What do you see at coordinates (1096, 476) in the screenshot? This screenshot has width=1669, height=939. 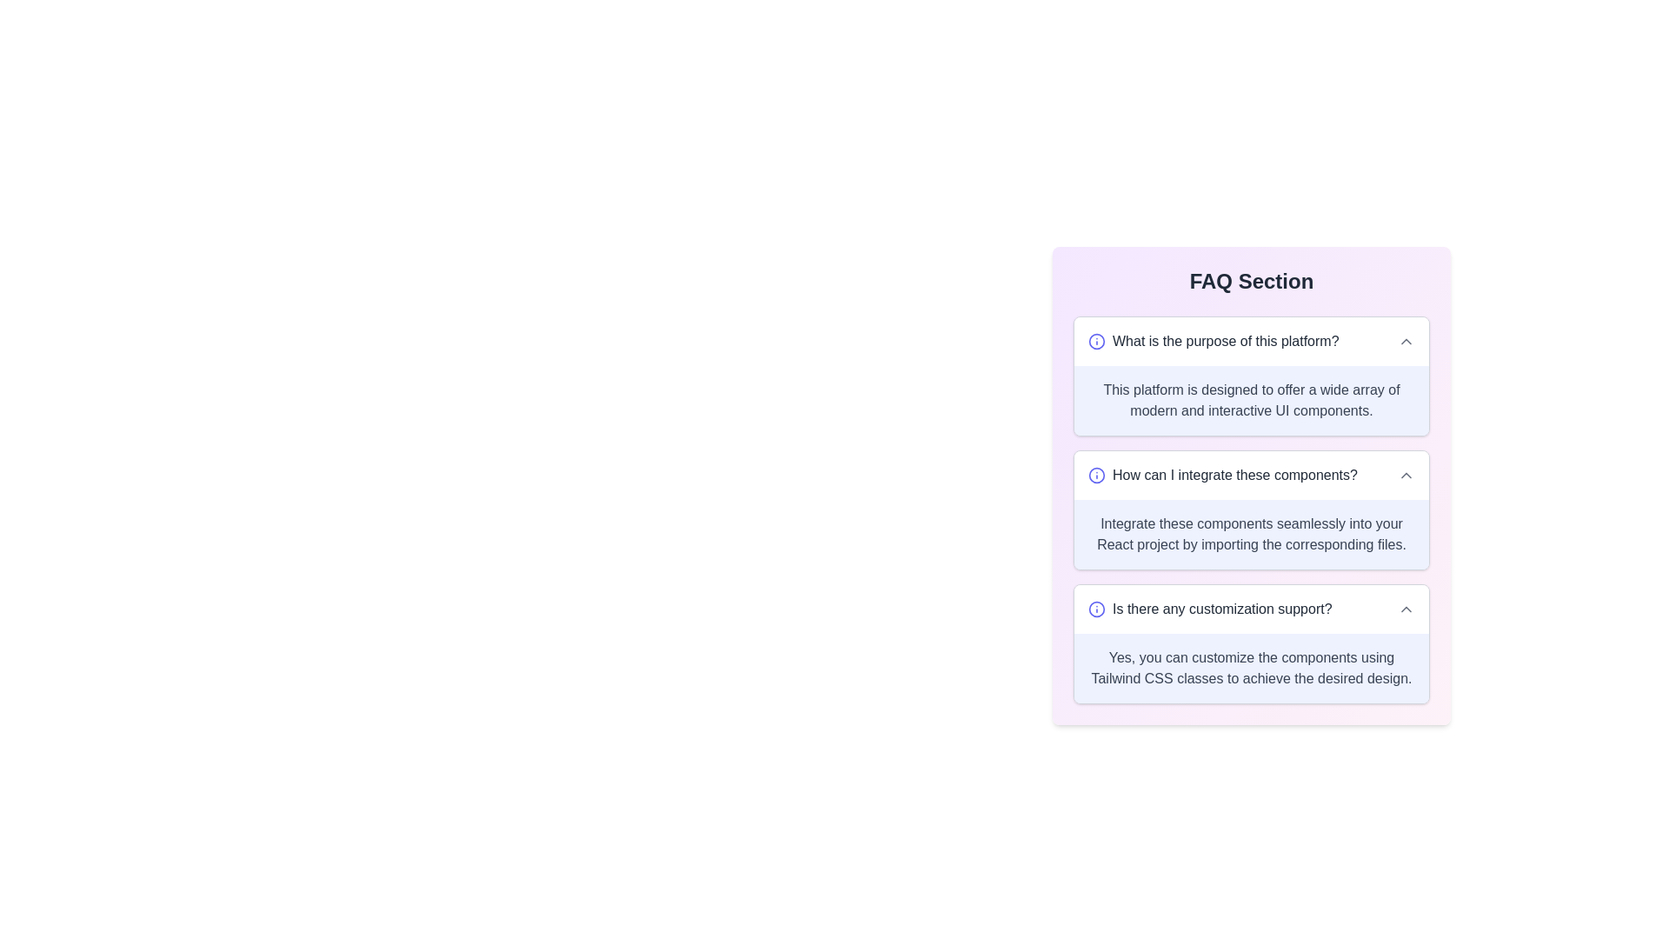 I see `the Information Icon located to the immediate left of the question 'How can I integrate these components?' in the FAQ section` at bounding box center [1096, 476].